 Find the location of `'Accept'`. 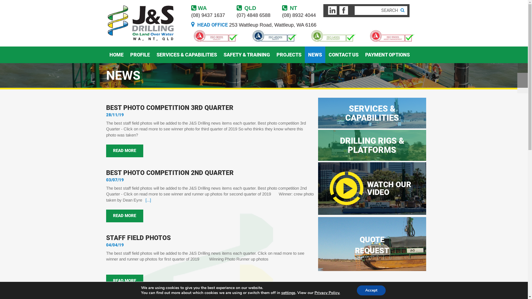

'Accept' is located at coordinates (371, 290).